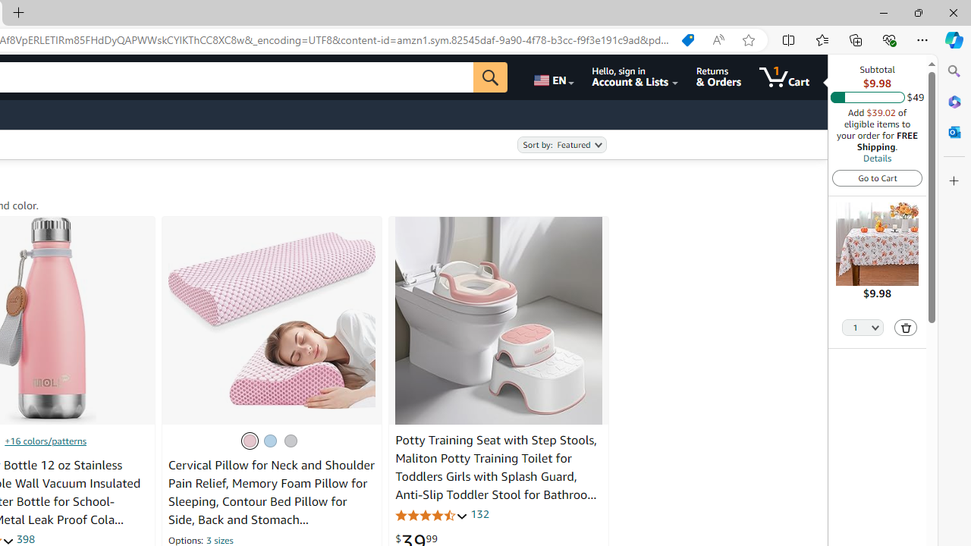 This screenshot has height=546, width=971. What do you see at coordinates (431, 514) in the screenshot?
I see `'4.6 out of 5 stars'` at bounding box center [431, 514].